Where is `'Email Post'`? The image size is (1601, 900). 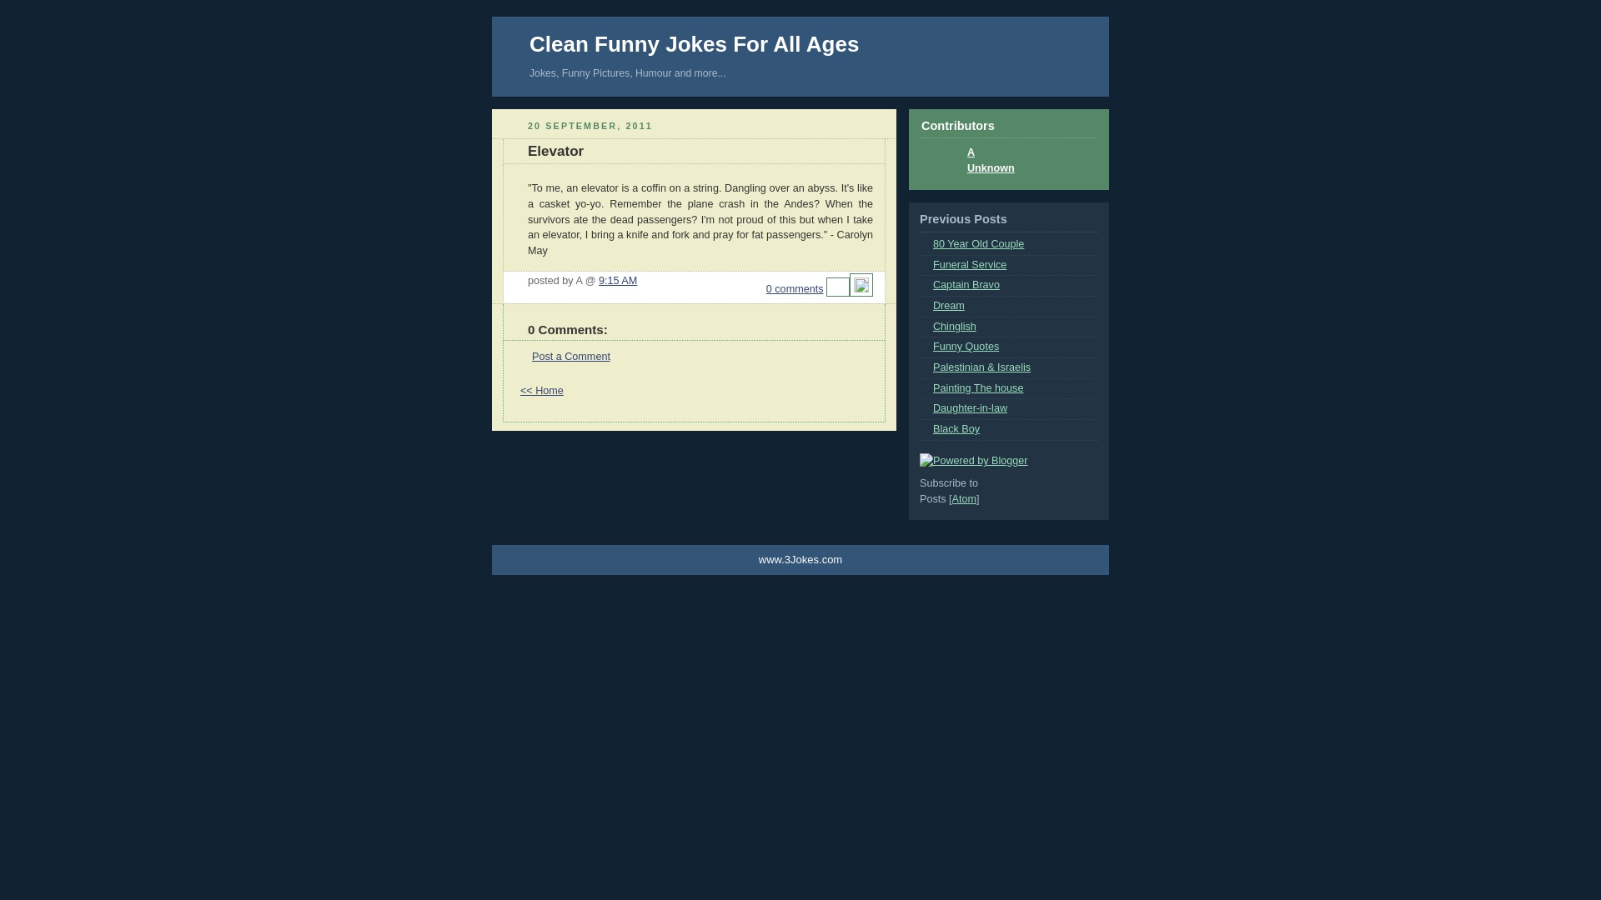
'Email Post' is located at coordinates (837, 288).